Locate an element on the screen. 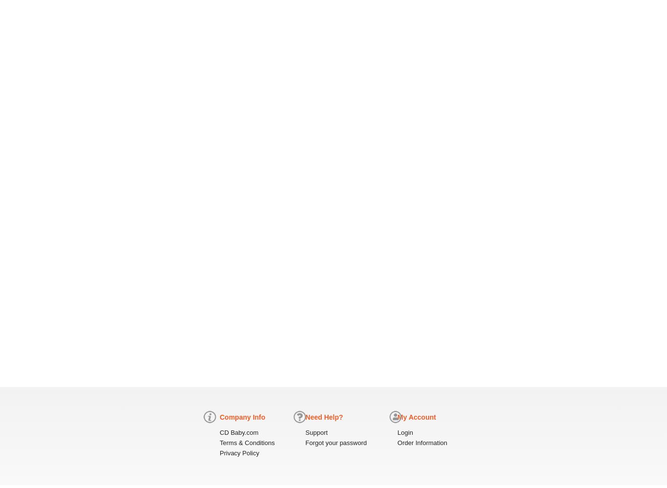 The width and height of the screenshot is (667, 488). 'Order Information' is located at coordinates (421, 443).